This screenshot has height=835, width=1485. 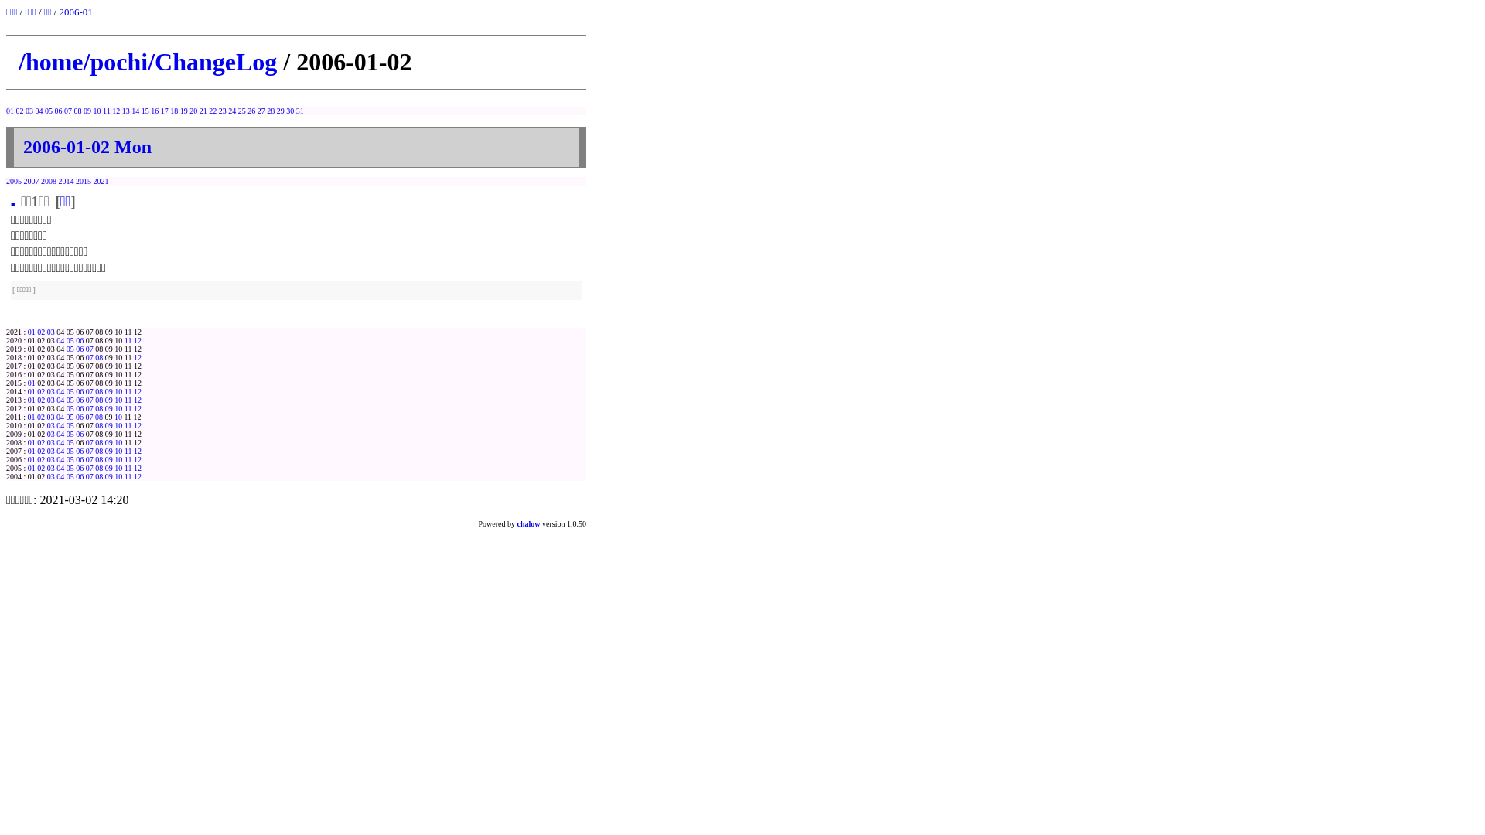 What do you see at coordinates (241, 110) in the screenshot?
I see `'25'` at bounding box center [241, 110].